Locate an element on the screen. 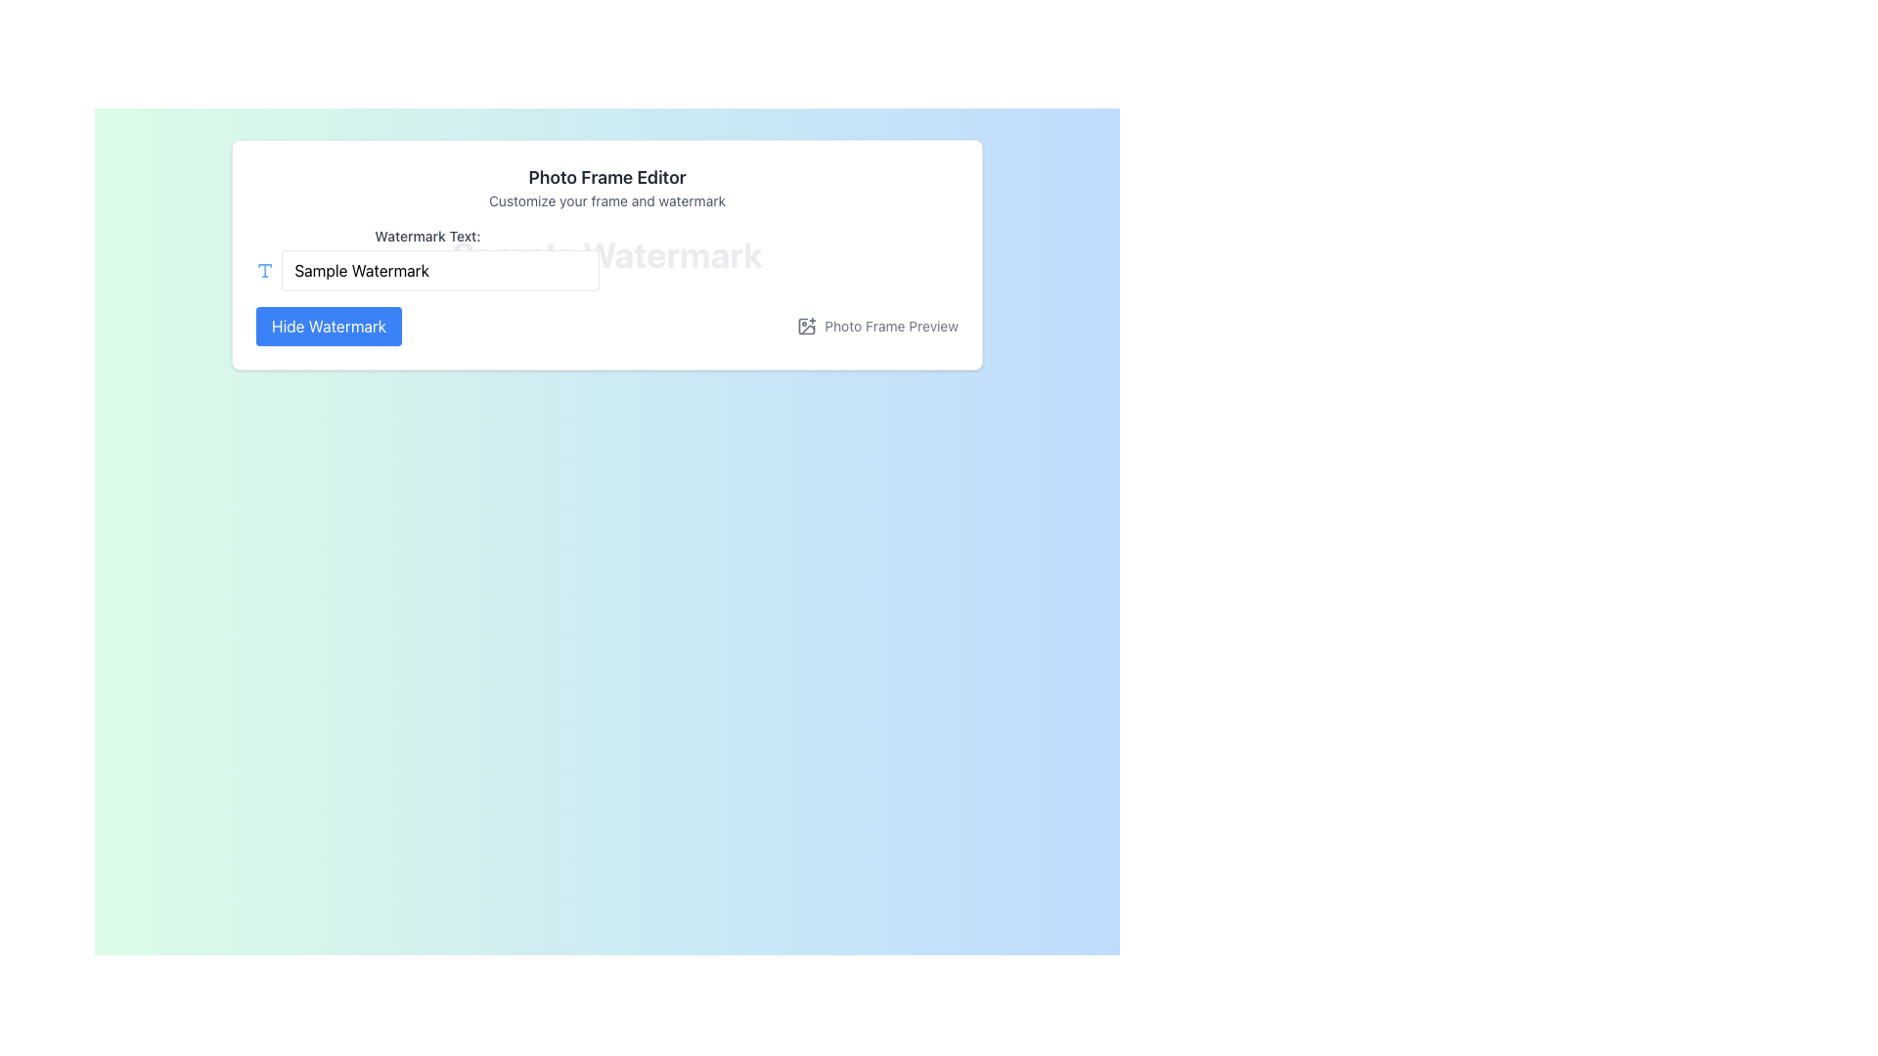  the blue rectangular button labeled 'Hide Watermark' is located at coordinates (329, 326).